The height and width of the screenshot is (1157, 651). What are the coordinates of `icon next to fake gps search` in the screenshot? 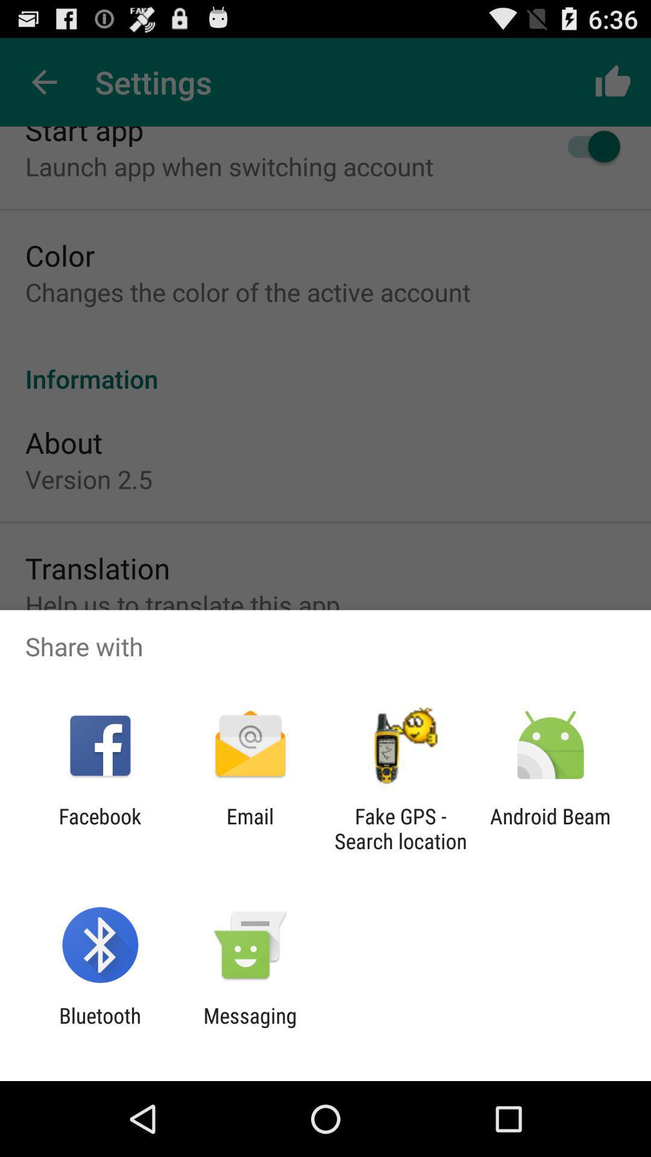 It's located at (250, 828).